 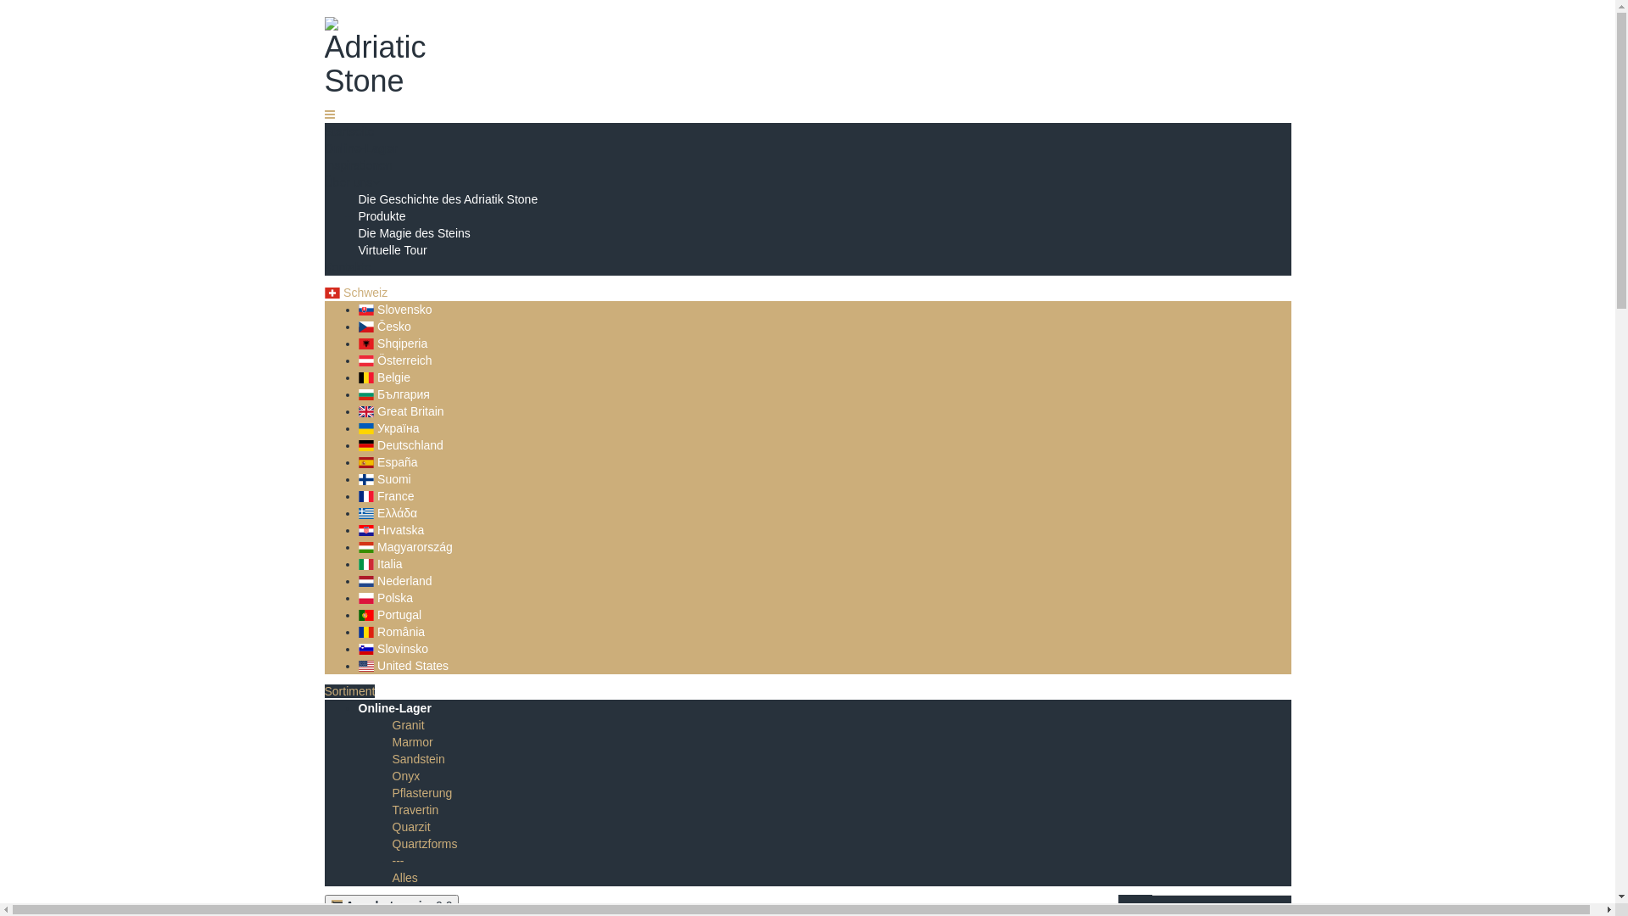 What do you see at coordinates (415, 809) in the screenshot?
I see `'Travertin'` at bounding box center [415, 809].